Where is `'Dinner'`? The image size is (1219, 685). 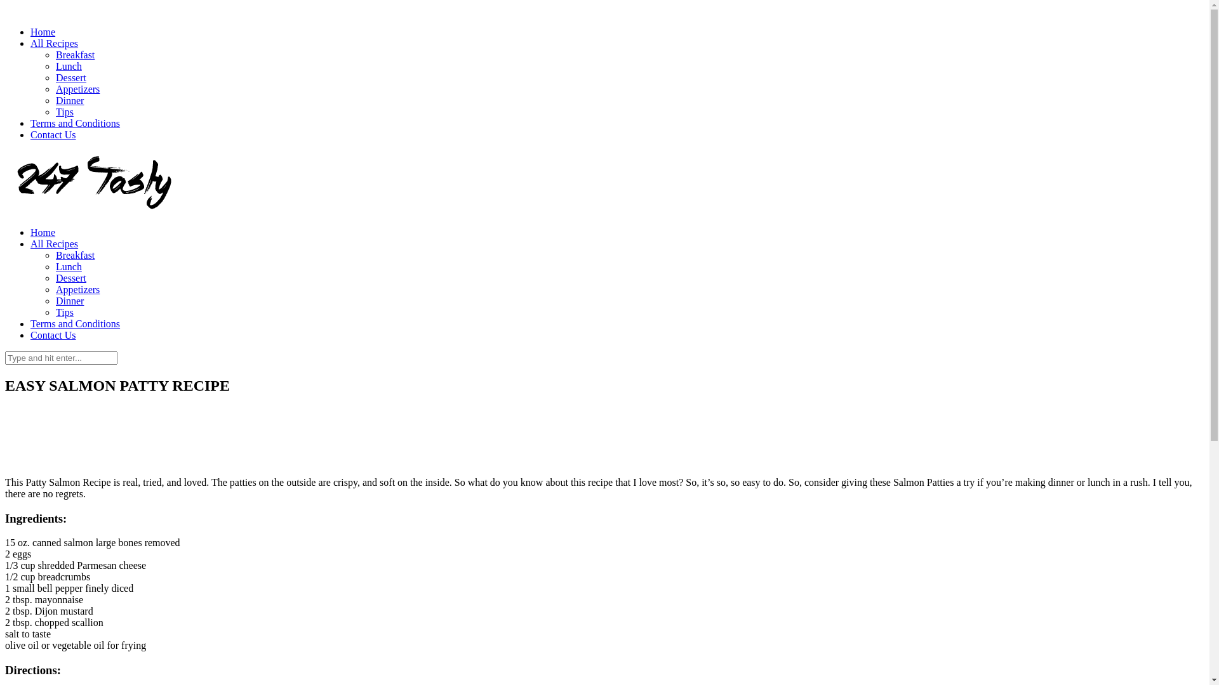
'Dinner' is located at coordinates (55, 100).